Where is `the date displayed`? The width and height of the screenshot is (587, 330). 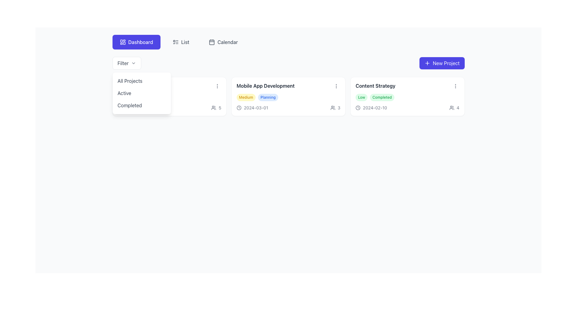 the date displayed is located at coordinates (256, 108).